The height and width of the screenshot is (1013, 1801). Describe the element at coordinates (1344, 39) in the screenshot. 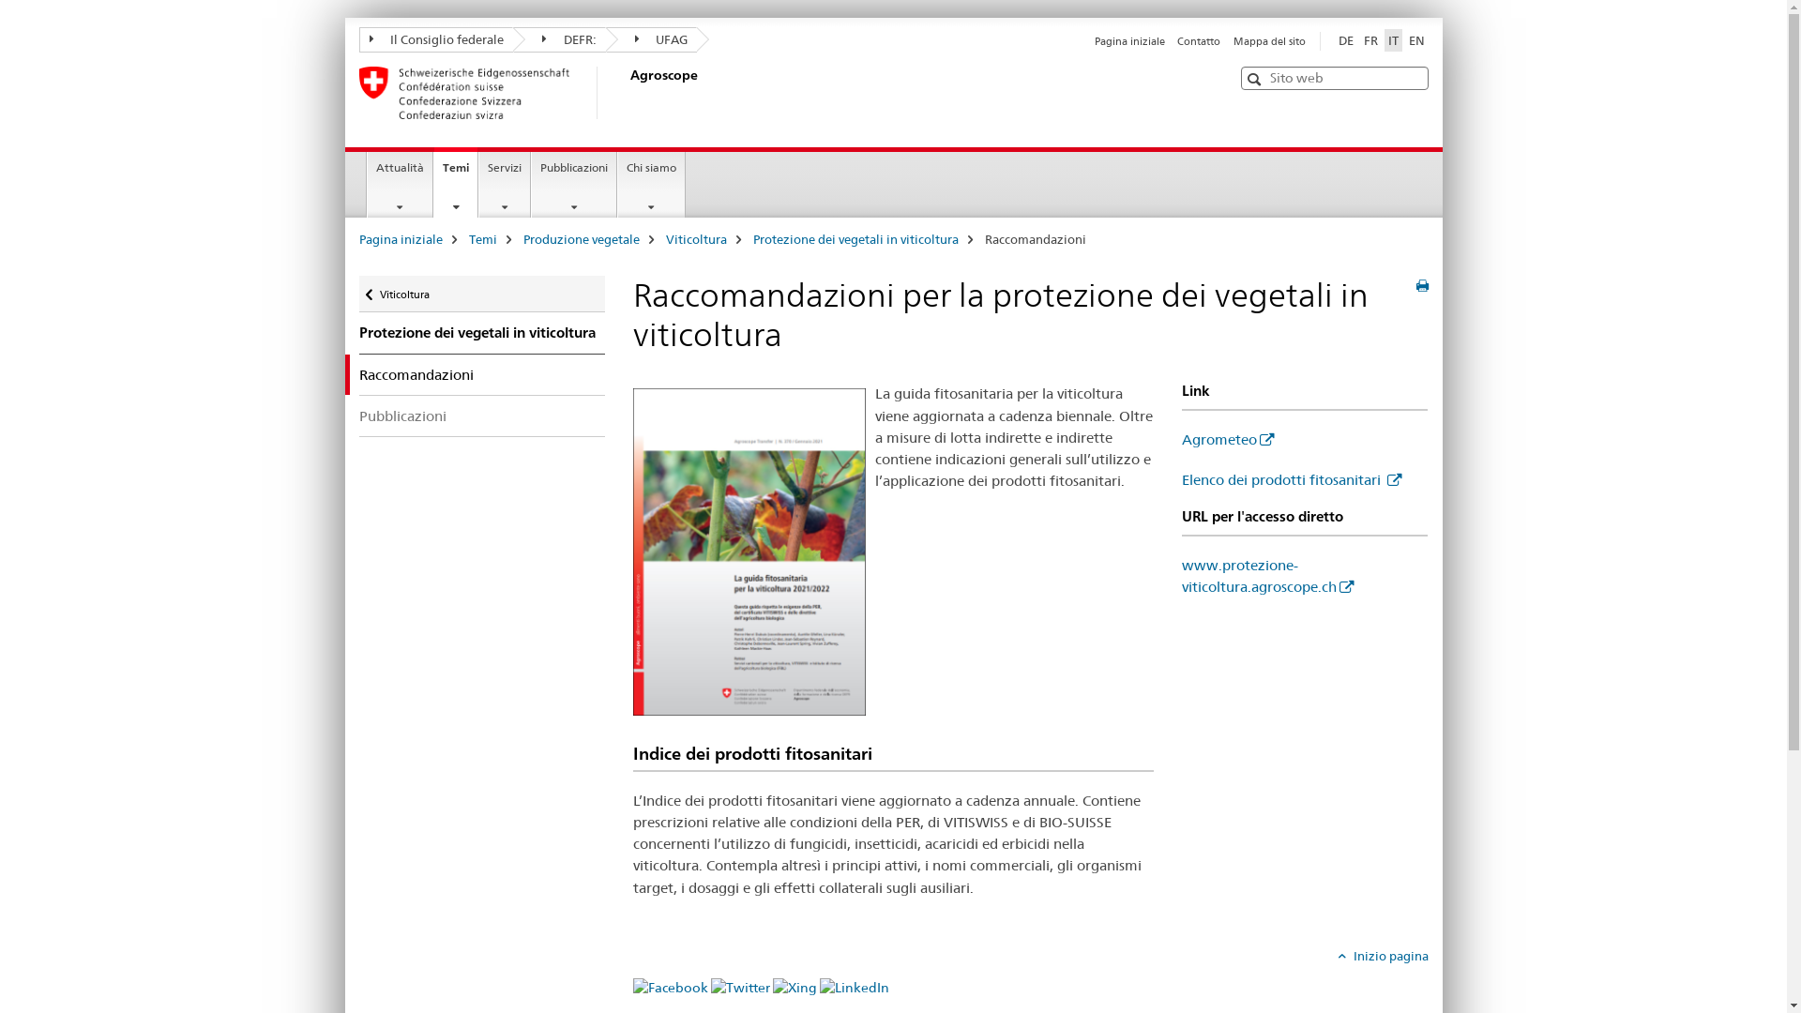

I see `'DE'` at that location.